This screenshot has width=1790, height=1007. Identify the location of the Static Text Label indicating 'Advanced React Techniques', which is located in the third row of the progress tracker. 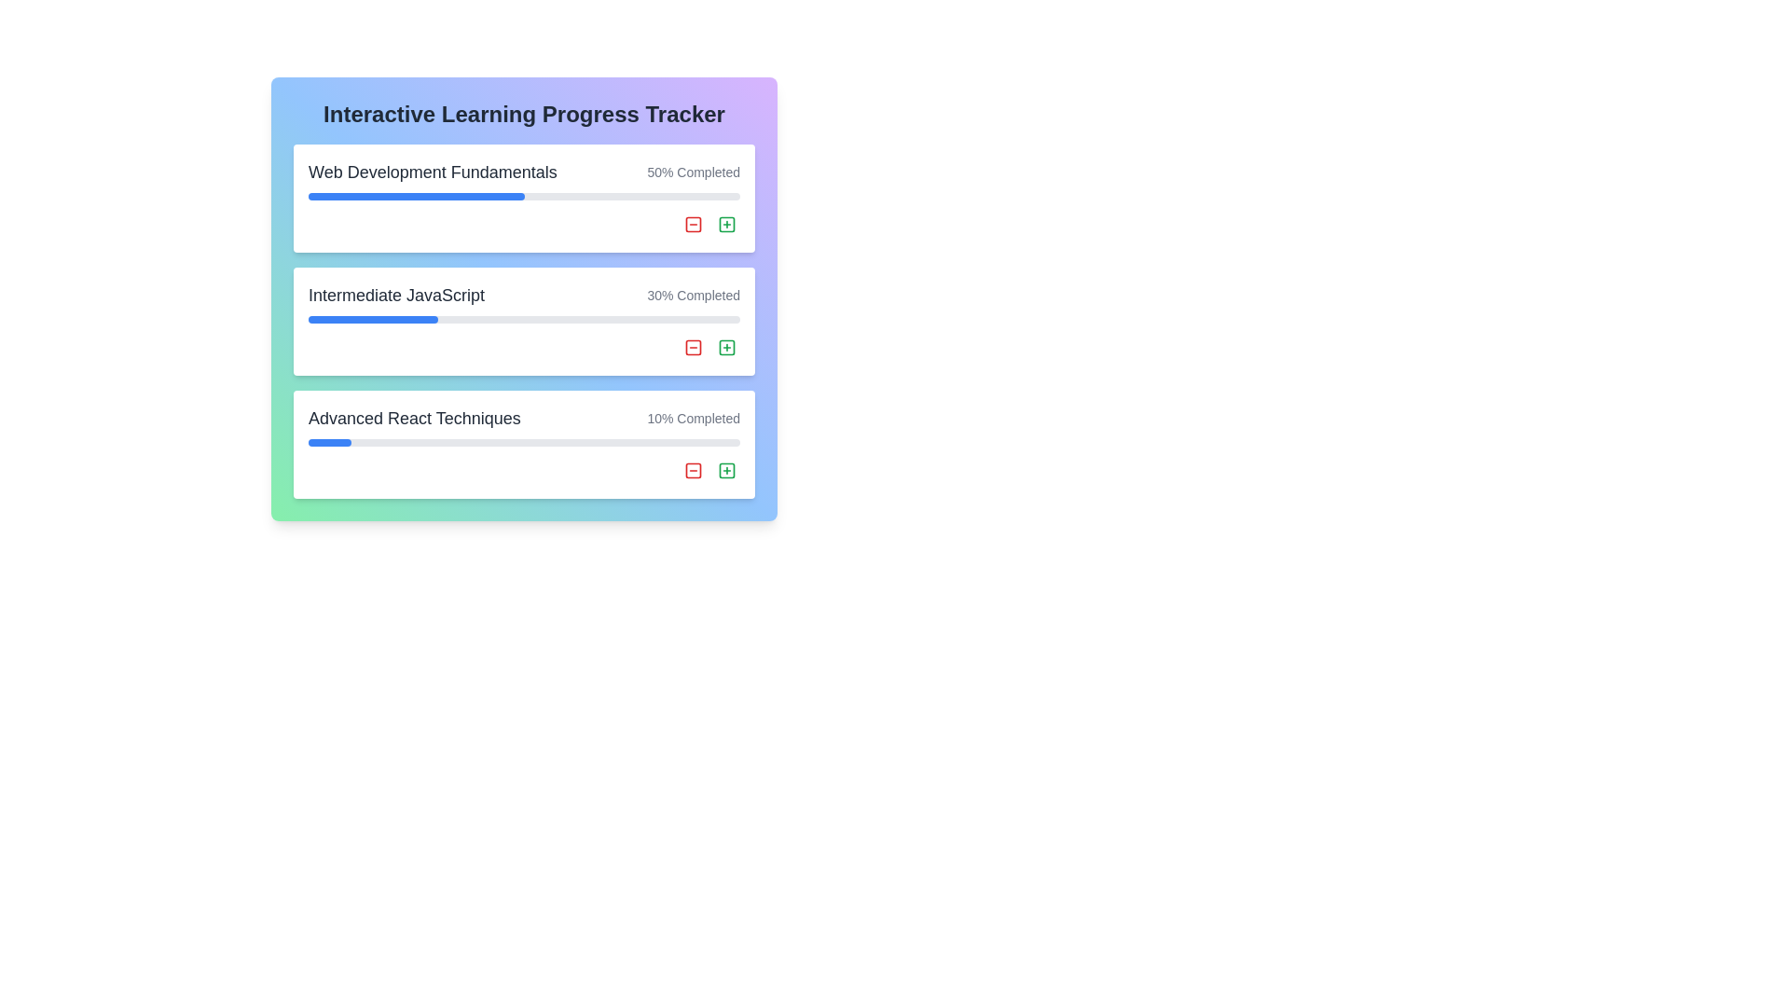
(413, 417).